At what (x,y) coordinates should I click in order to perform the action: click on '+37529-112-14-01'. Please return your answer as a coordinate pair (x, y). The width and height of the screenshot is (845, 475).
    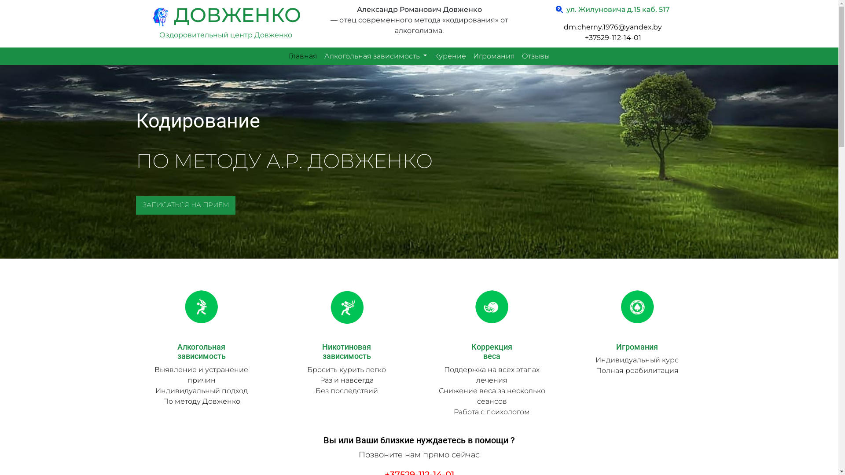
    Looking at the image, I should click on (612, 37).